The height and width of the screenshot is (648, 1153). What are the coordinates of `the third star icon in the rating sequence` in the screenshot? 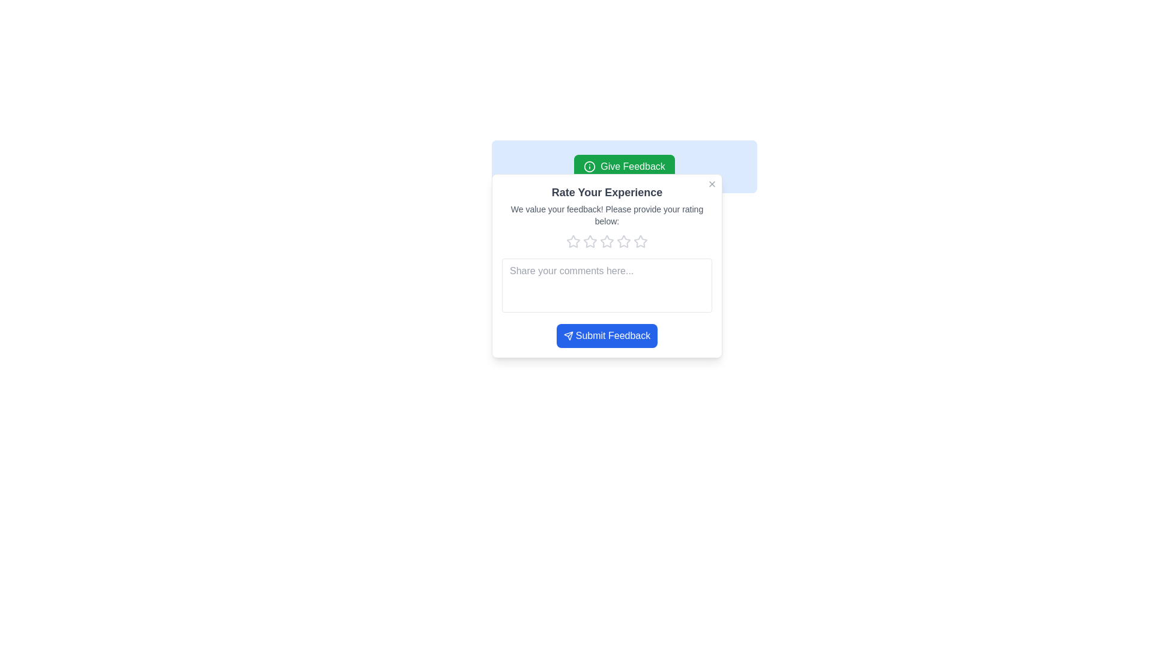 It's located at (590, 241).